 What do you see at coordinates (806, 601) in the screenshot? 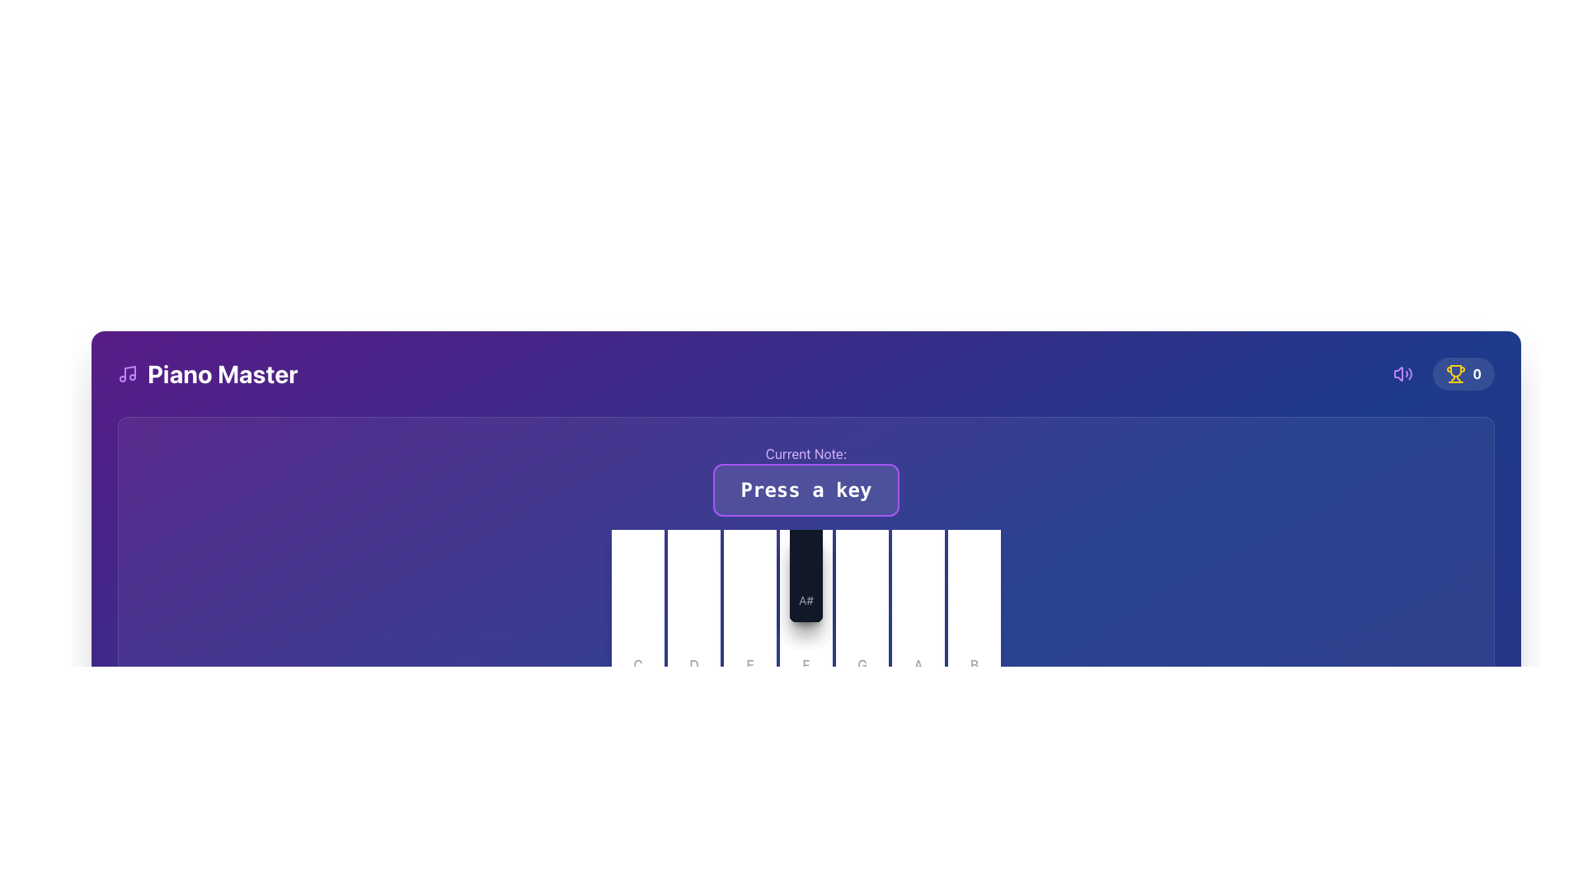
I see `the static text label indicating the musical note 'D#', which is centrally aligned with the black piano key corresponding to D#` at bounding box center [806, 601].